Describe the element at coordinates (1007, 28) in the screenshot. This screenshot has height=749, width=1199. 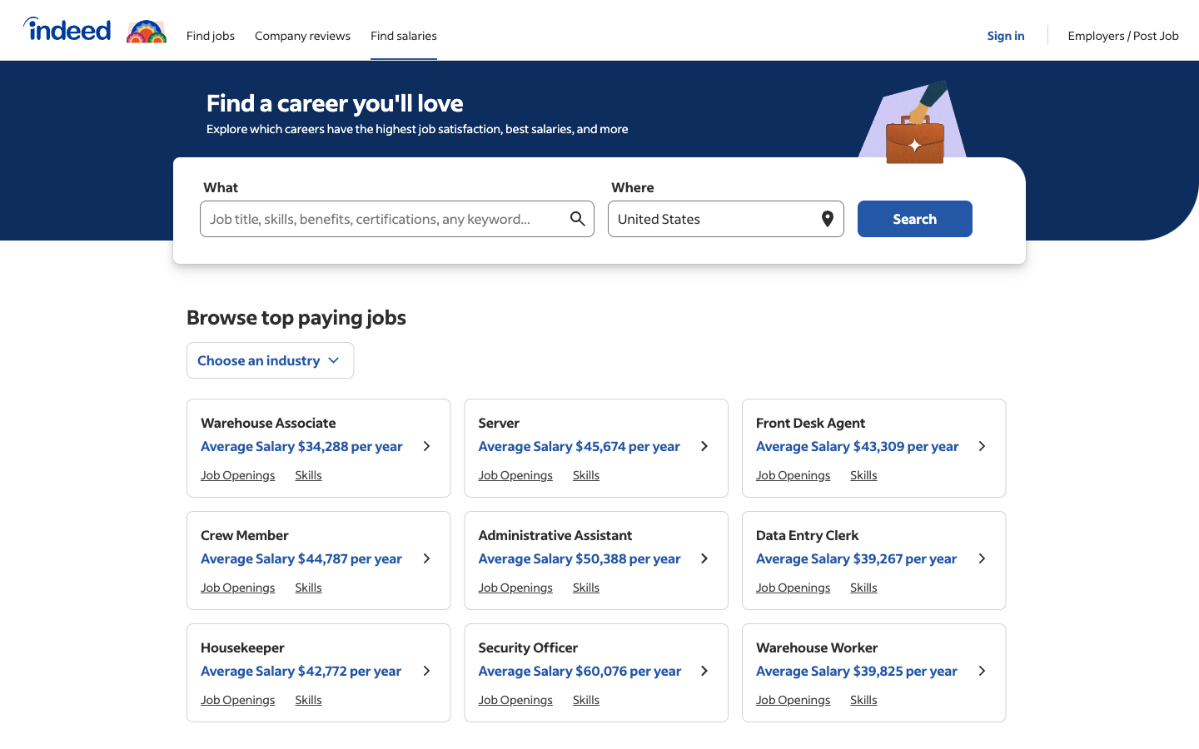
I see `the Login page` at that location.